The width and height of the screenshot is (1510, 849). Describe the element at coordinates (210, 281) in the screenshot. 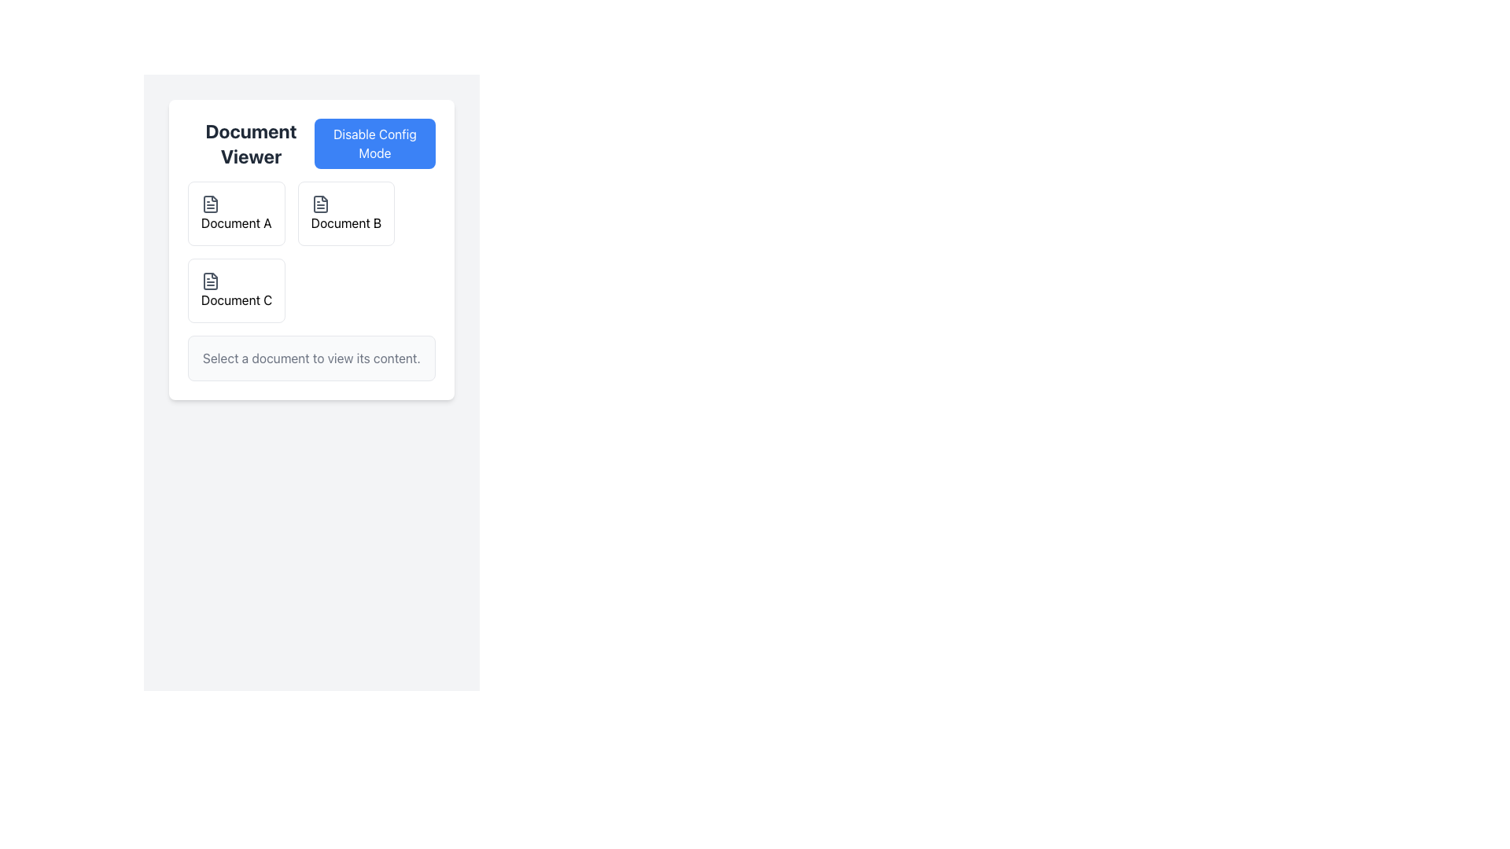

I see `the leftmost document icon, which is a rectangular icon with a white fill and gray outline, depicting a document with a folded corner and lines representing text, located below the 'Document Viewer' heading and to the left of 'Document C'` at that location.